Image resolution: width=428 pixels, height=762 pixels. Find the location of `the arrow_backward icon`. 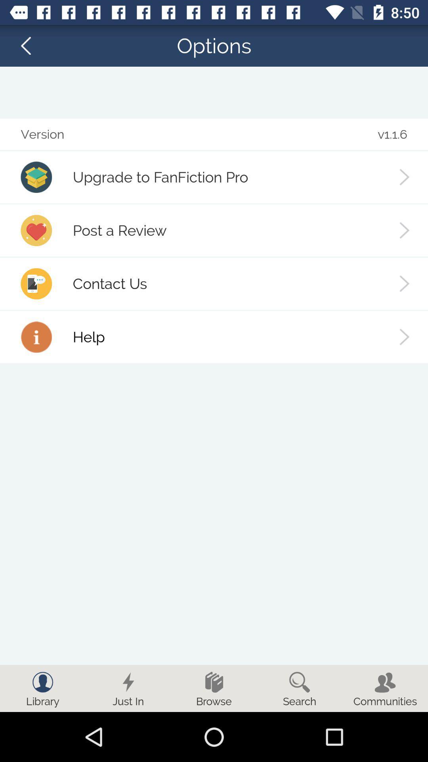

the arrow_backward icon is located at coordinates (31, 45).